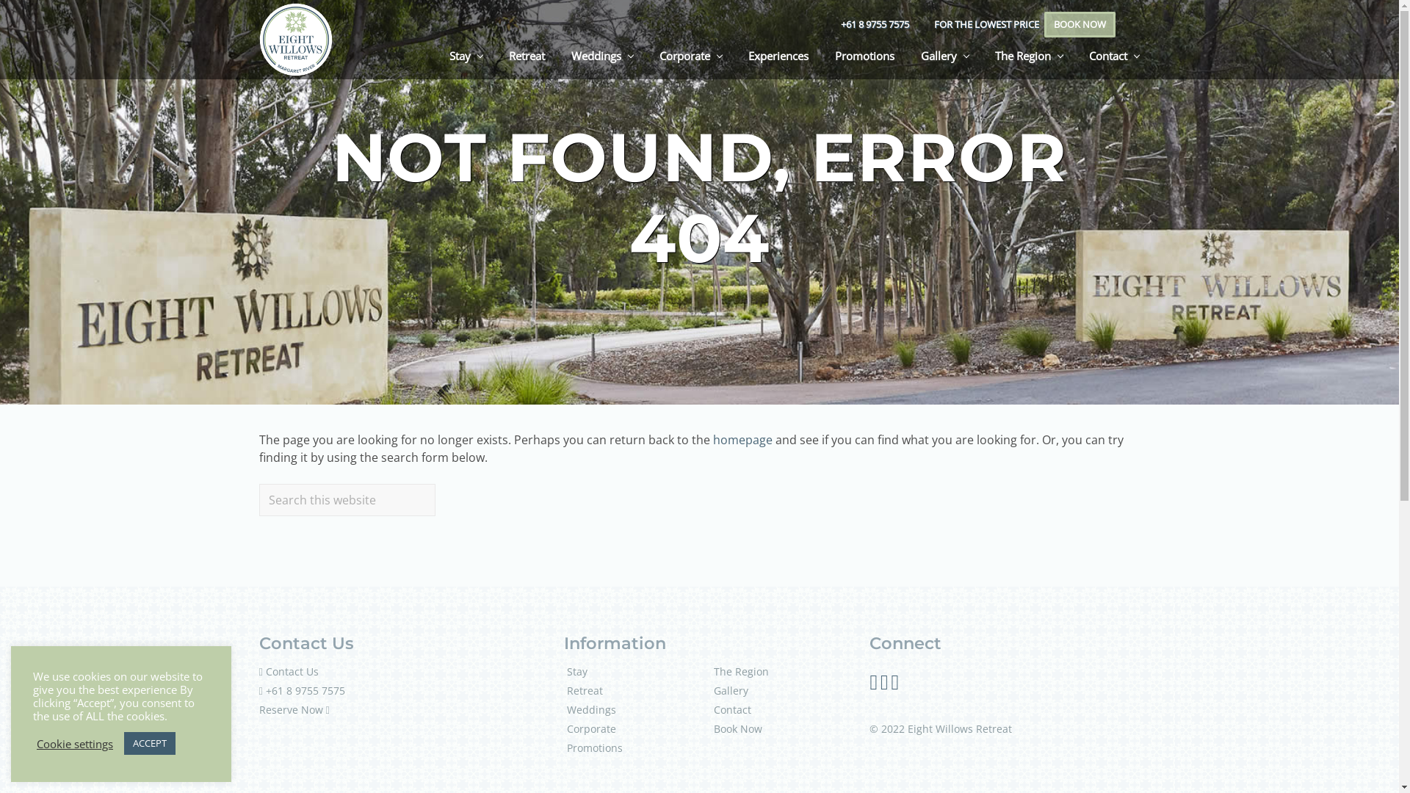 The height and width of the screenshot is (793, 1410). I want to click on 'The Region', so click(1027, 55).